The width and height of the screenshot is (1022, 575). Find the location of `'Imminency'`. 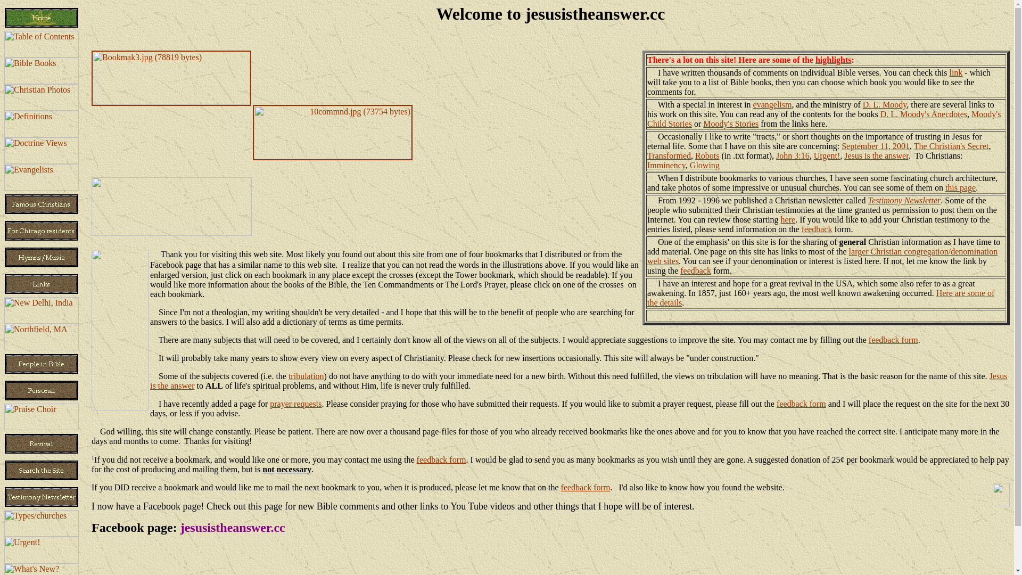

'Imminency' is located at coordinates (666, 165).